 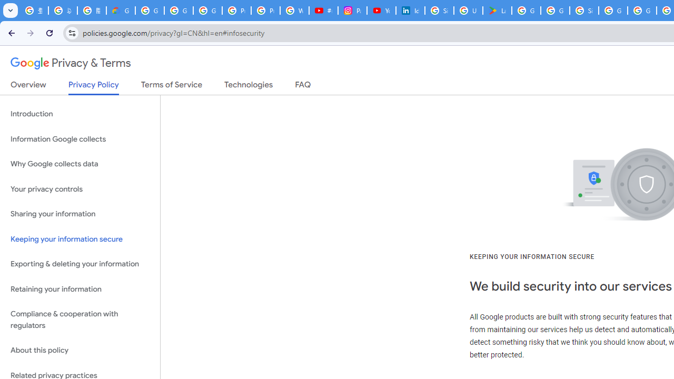 I want to click on 'Compliance & cooperation with regulators', so click(x=80, y=320).